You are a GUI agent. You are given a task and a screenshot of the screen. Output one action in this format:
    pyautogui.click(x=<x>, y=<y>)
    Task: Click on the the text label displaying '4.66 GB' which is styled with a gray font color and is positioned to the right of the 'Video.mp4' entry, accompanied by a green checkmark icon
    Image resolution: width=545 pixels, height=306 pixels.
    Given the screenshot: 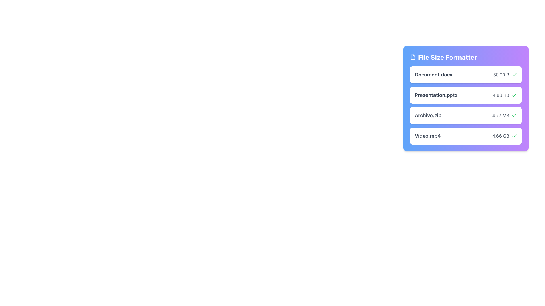 What is the action you would take?
    pyautogui.click(x=505, y=136)
    